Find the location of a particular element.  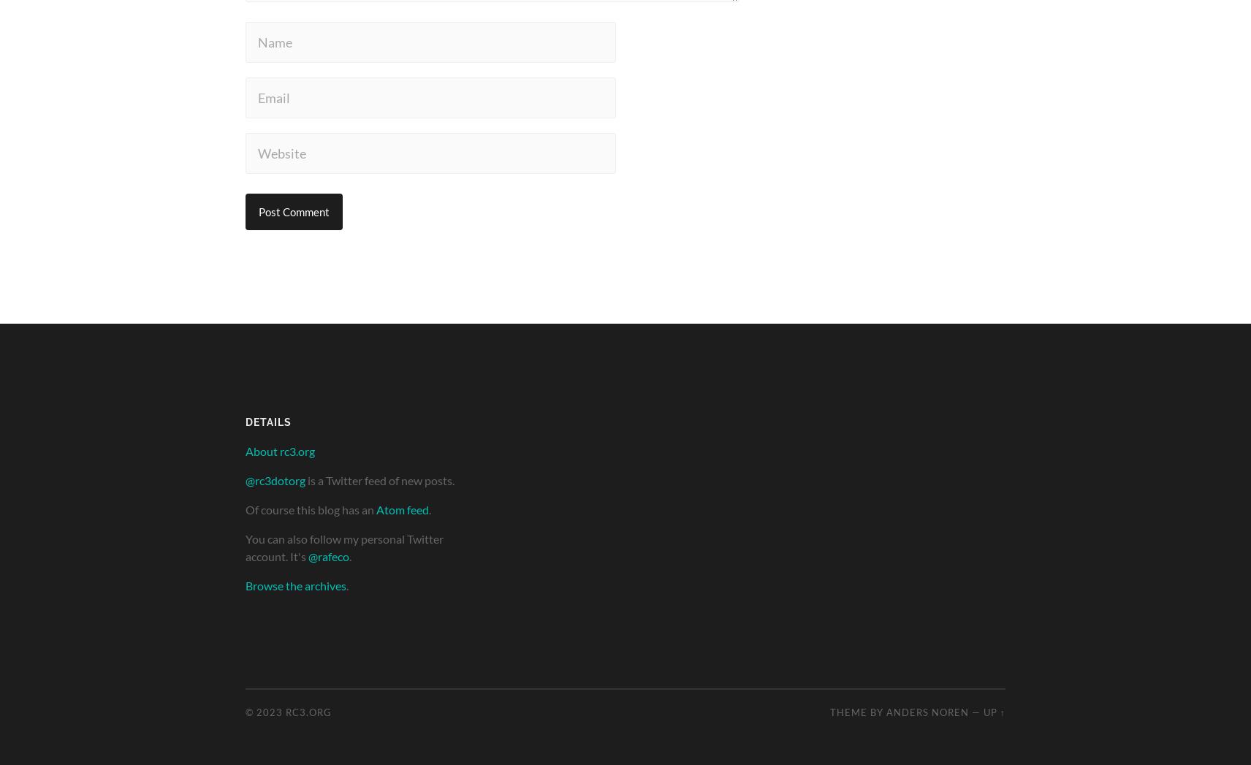

'Details' is located at coordinates (268, 421).